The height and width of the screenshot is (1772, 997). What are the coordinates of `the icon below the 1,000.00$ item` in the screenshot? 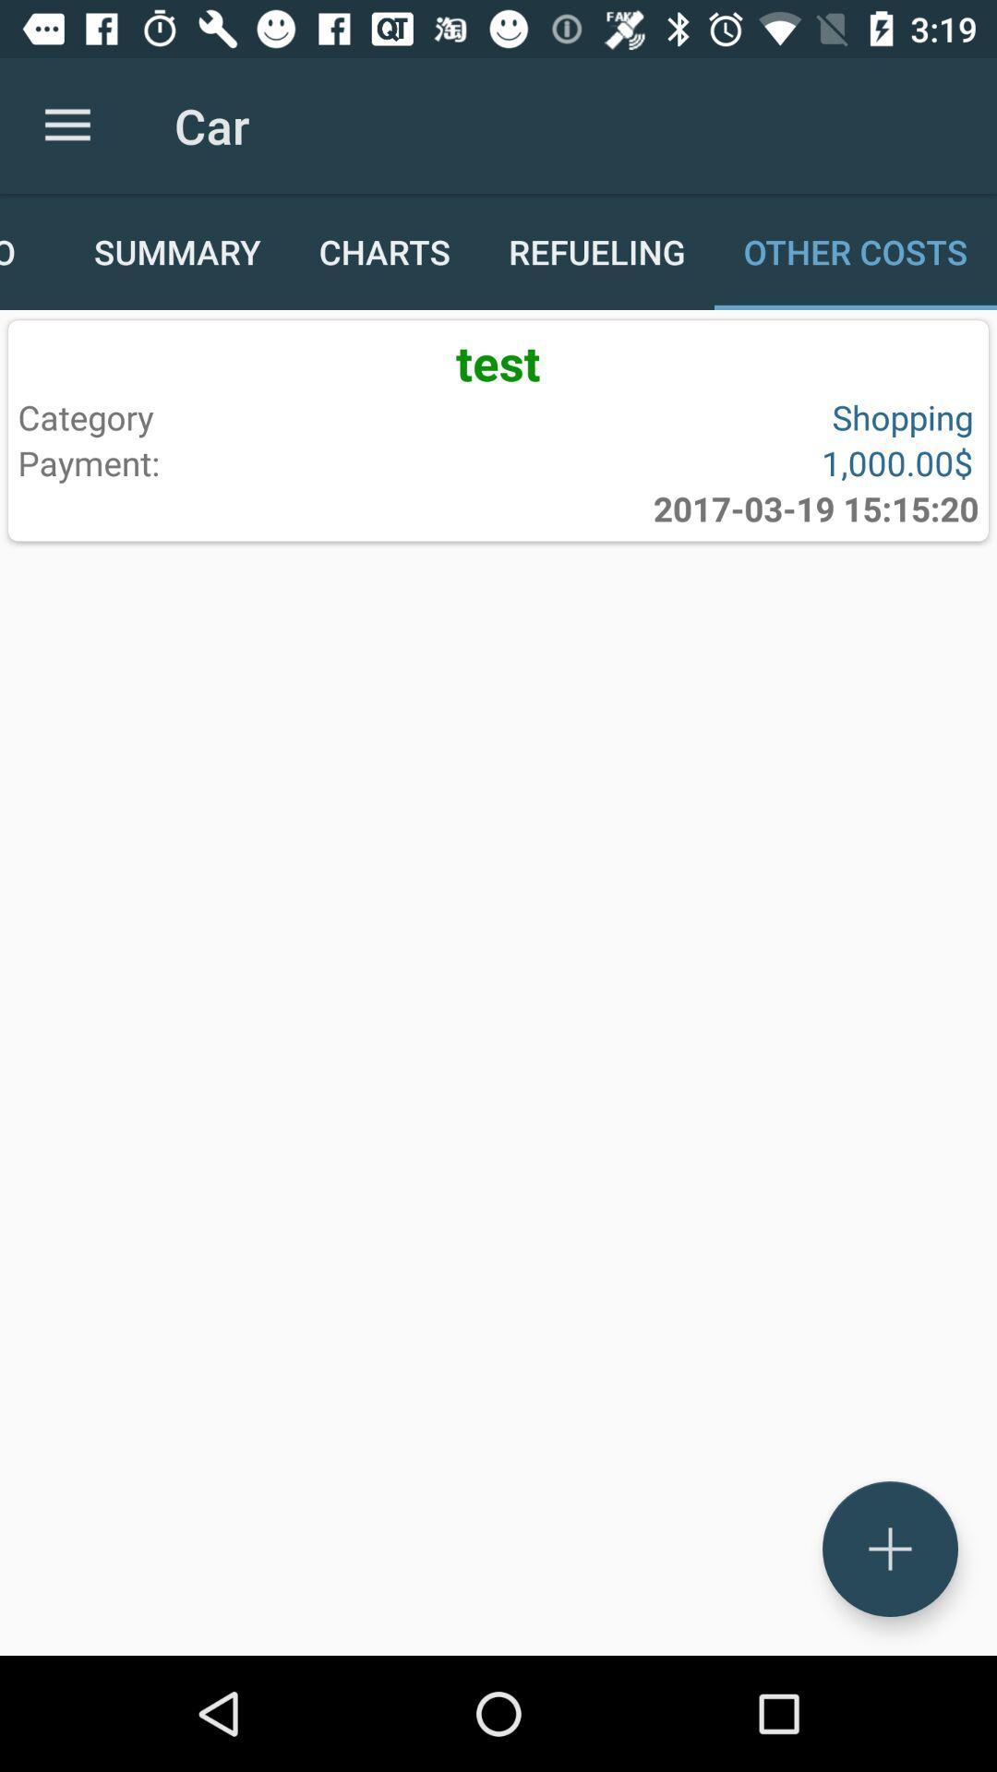 It's located at (815, 509).